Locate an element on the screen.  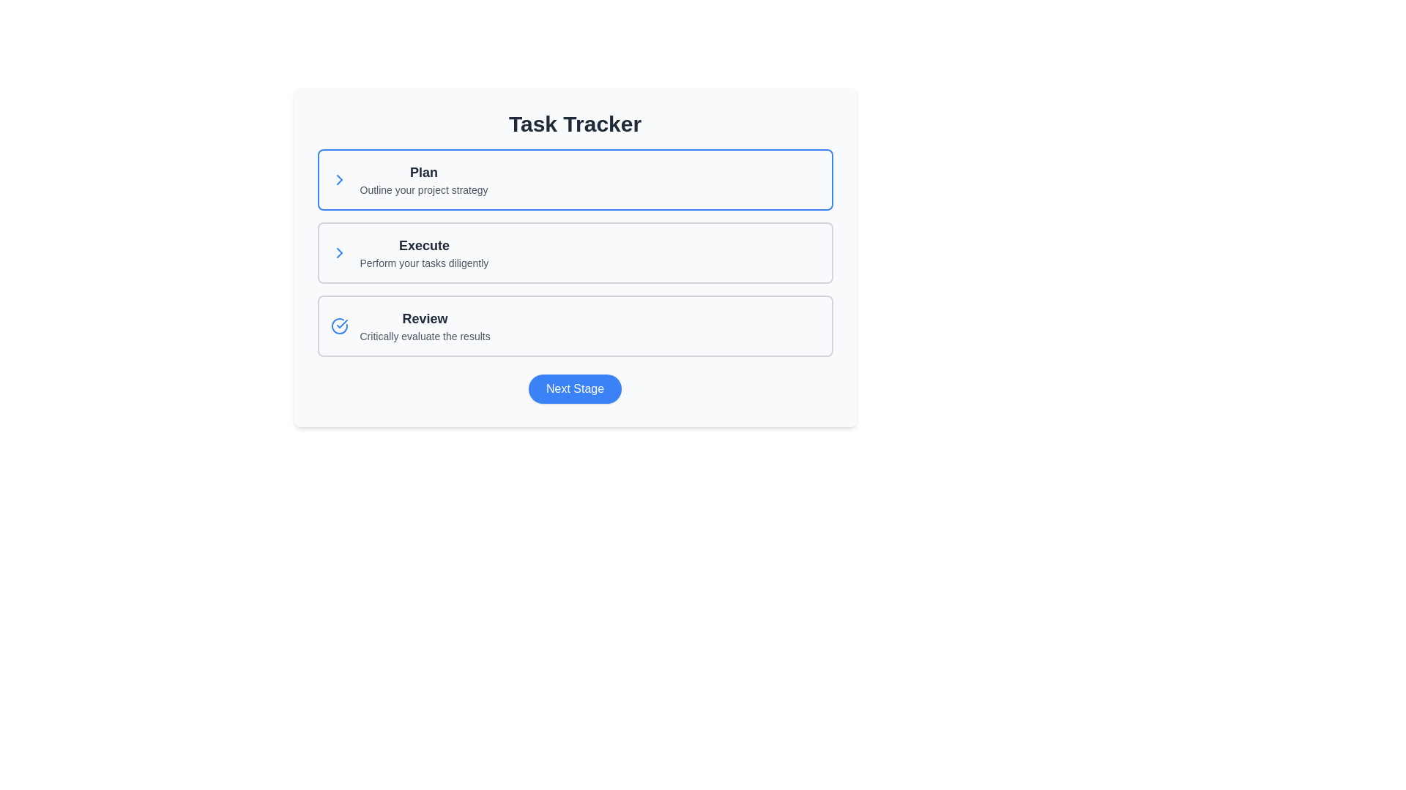
the button located at the bottom of the interface, centered horizontally below the sections titled 'Plan,' 'Execute,' and 'Review' to proceed to the next stage is located at coordinates (574, 388).